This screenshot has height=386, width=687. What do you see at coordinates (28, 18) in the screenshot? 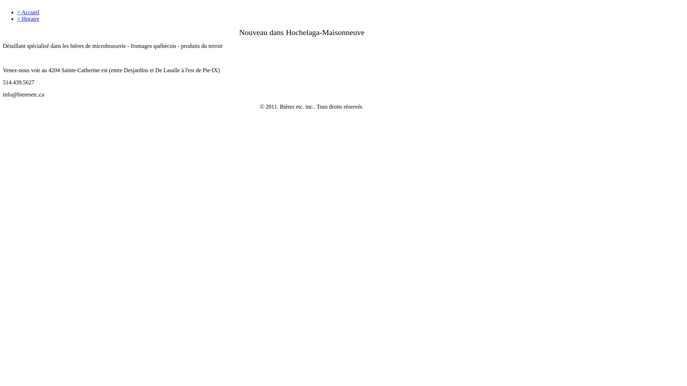
I see `'> Horaire'` at bounding box center [28, 18].